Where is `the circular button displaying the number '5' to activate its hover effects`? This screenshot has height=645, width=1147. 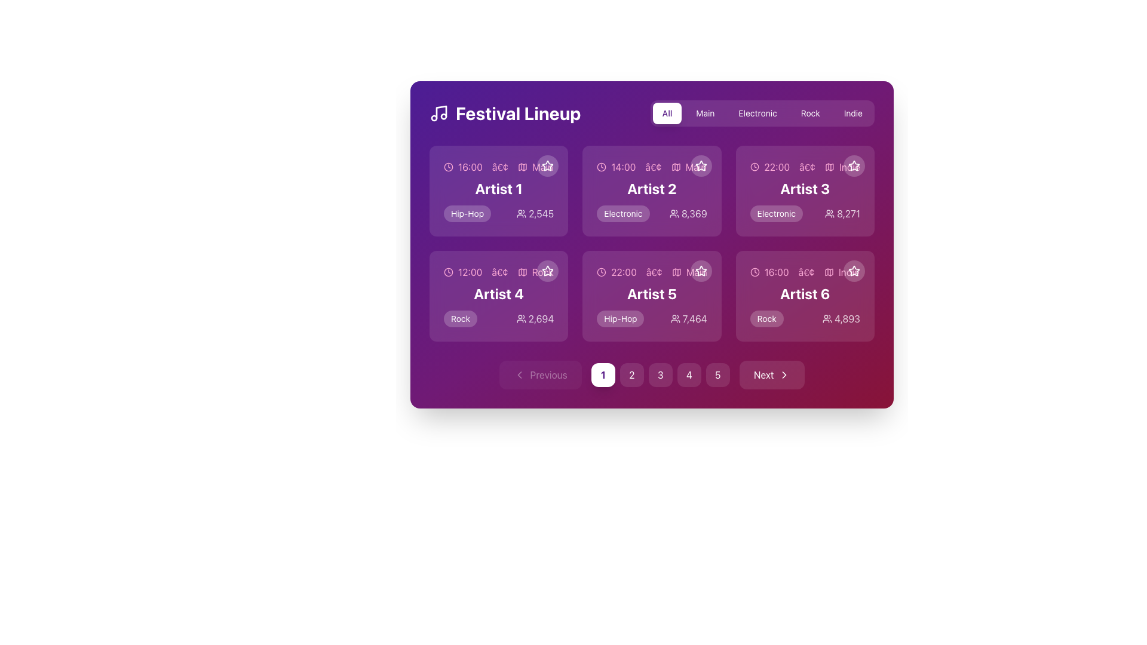
the circular button displaying the number '5' to activate its hover effects is located at coordinates (717, 374).